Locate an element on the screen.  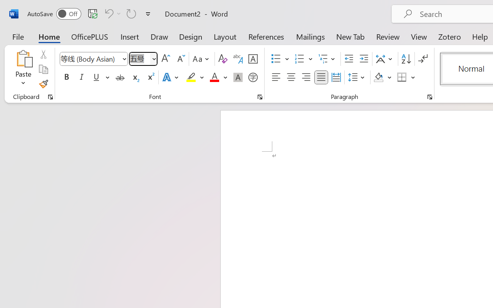
'Mailings' is located at coordinates (310, 36).